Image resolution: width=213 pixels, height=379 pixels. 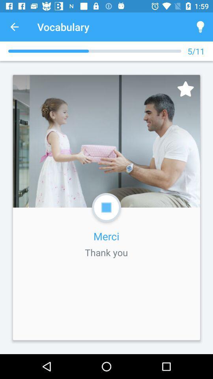 I want to click on to favorites, so click(x=185, y=89).